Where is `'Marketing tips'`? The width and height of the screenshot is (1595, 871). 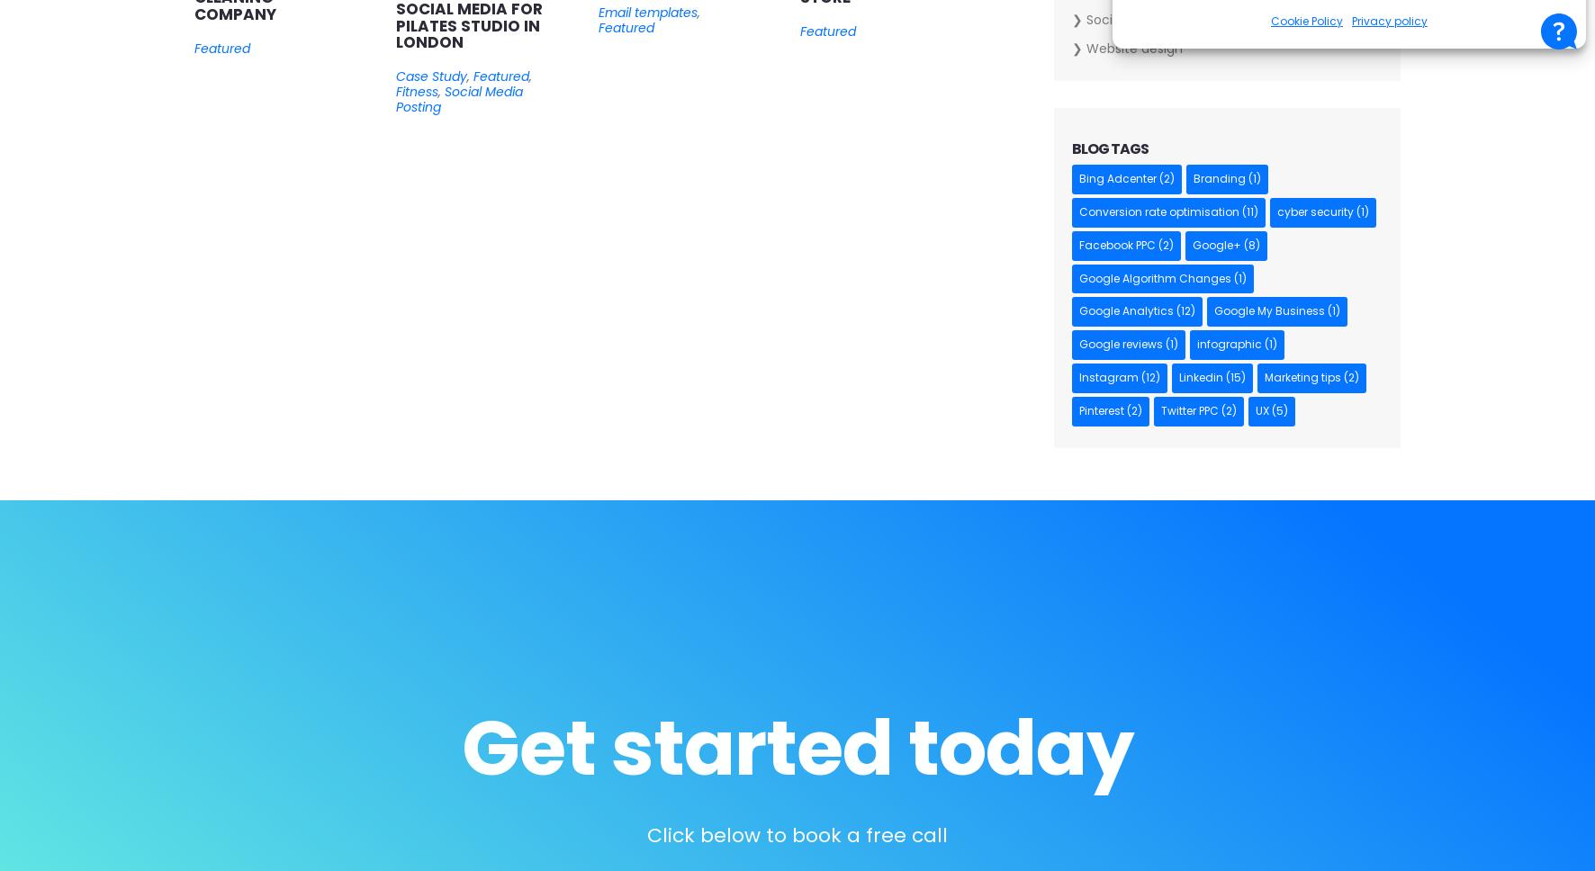
'Marketing tips' is located at coordinates (1302, 377).